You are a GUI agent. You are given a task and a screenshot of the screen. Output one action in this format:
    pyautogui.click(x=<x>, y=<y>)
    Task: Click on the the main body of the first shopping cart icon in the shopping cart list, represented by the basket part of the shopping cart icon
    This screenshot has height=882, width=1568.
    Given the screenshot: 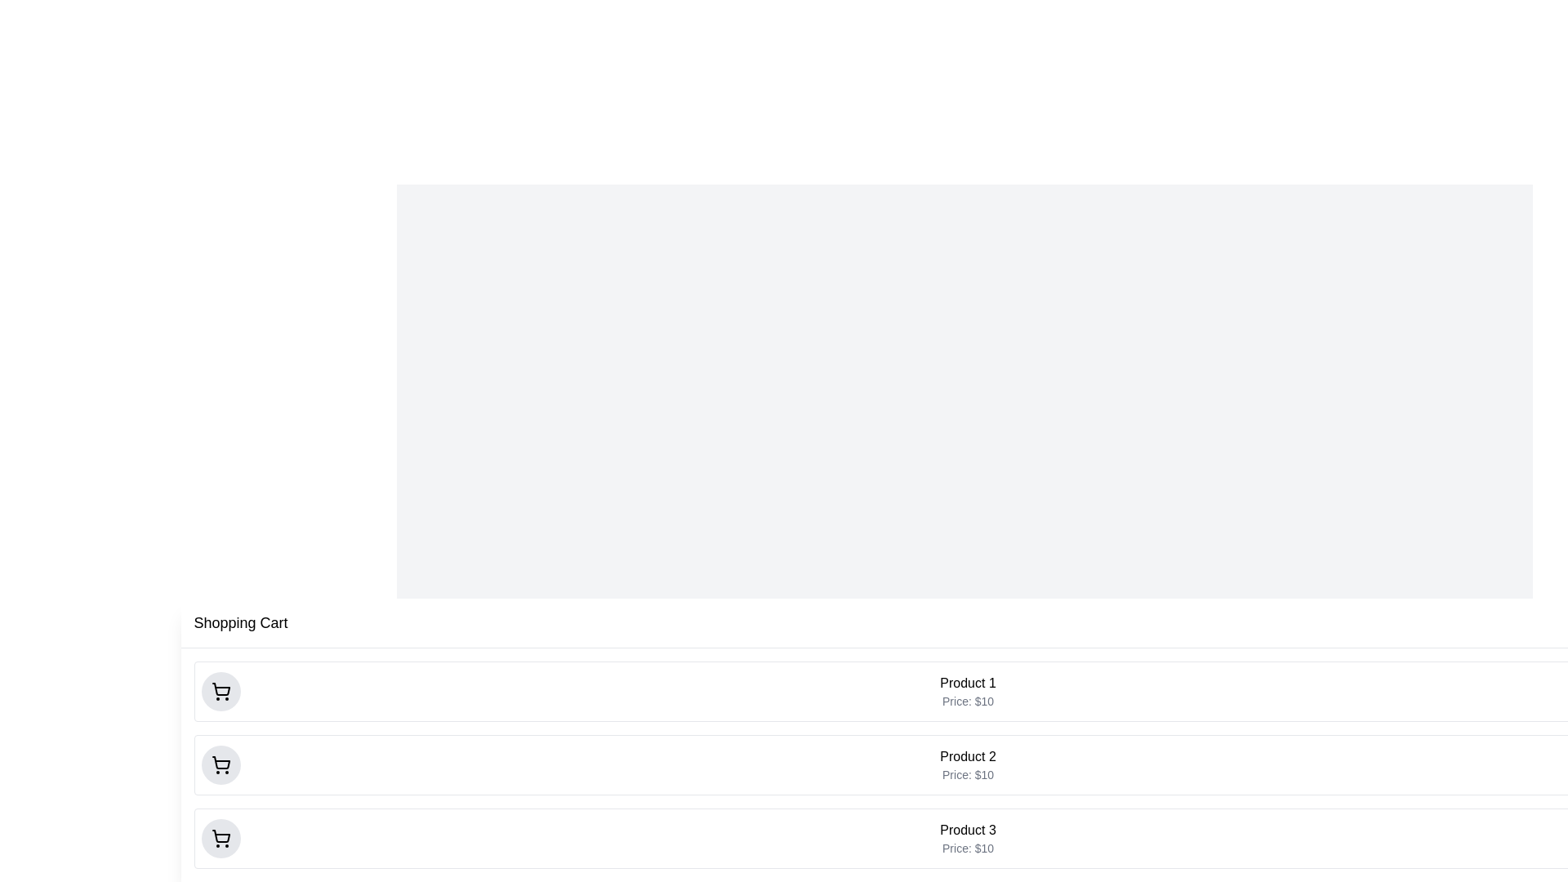 What is the action you would take?
    pyautogui.click(x=220, y=689)
    